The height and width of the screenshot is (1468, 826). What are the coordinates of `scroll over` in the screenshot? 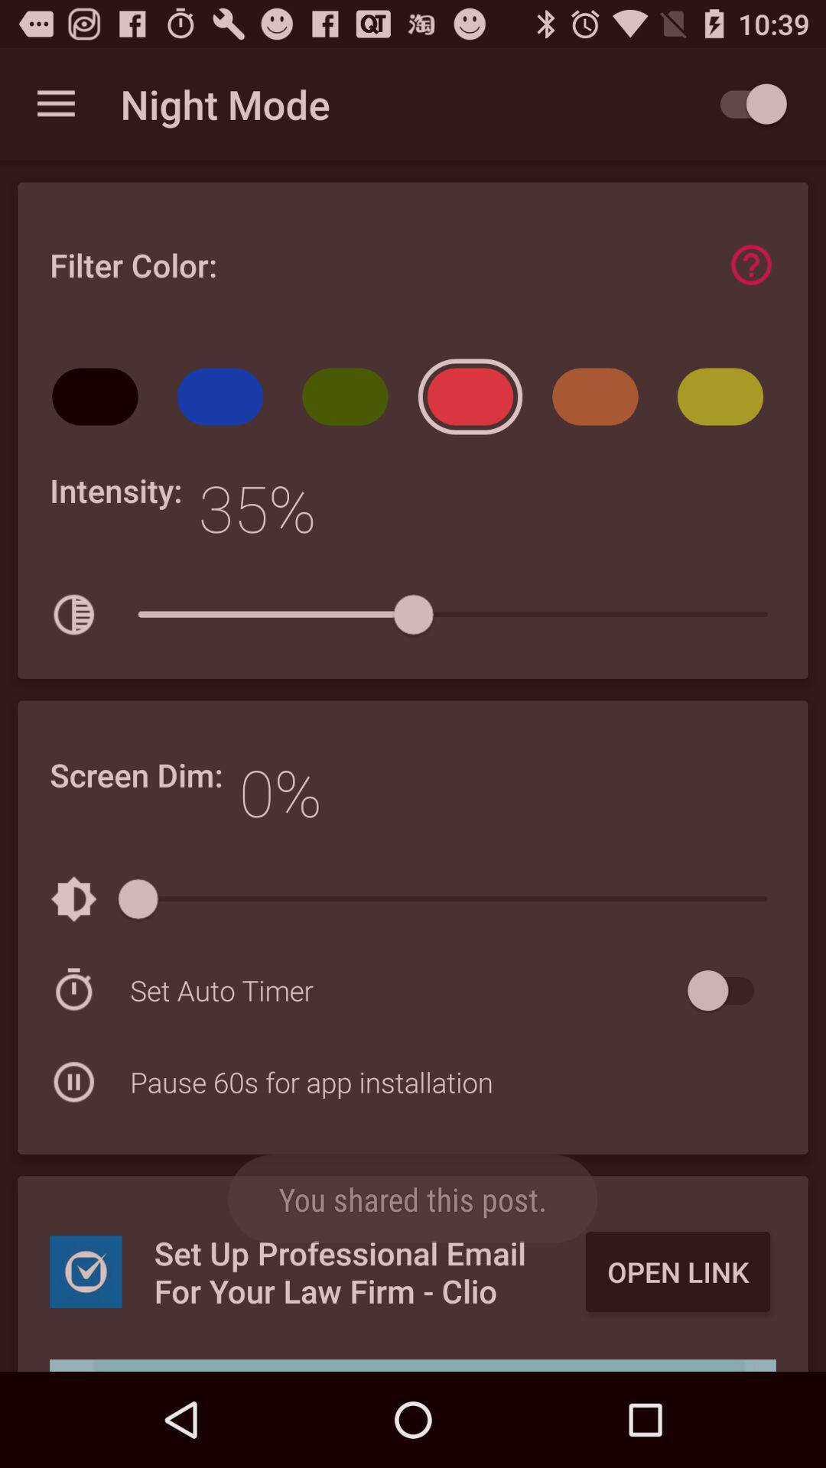 It's located at (413, 1366).